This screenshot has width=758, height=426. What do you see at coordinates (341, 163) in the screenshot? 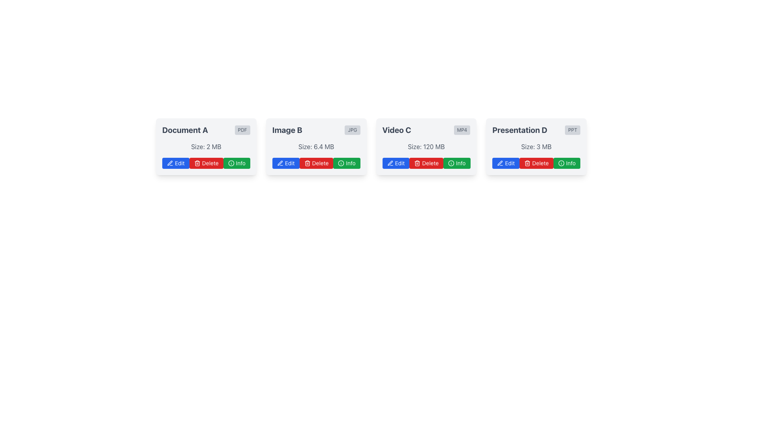
I see `the SVG Circle element that serves as the circular background of the information icon within the 'Info' button located at the bottom-right corner of the card labeled 'Image B'` at bounding box center [341, 163].